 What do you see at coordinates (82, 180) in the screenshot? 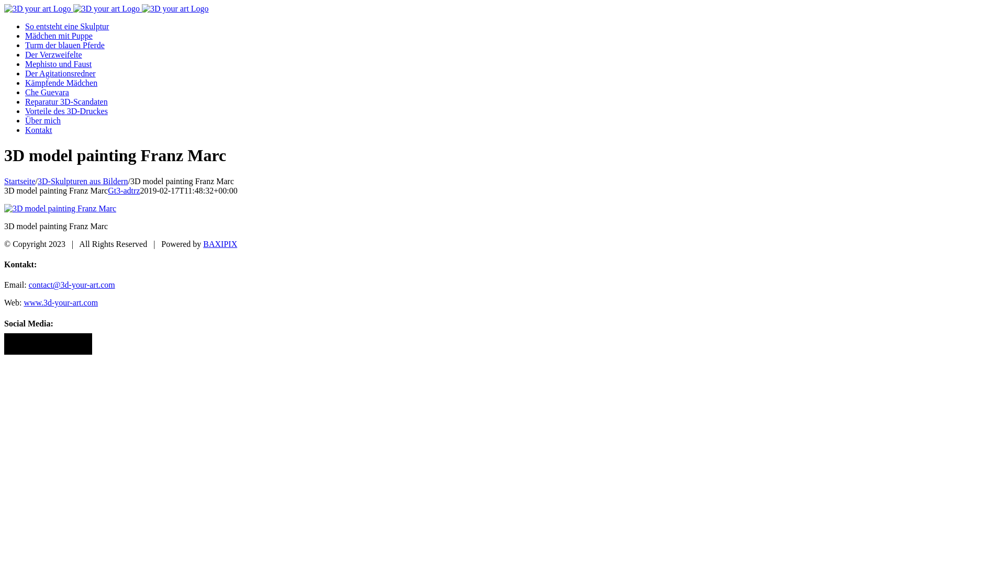
I see `'3D-Skulpturen aus Bildern'` at bounding box center [82, 180].